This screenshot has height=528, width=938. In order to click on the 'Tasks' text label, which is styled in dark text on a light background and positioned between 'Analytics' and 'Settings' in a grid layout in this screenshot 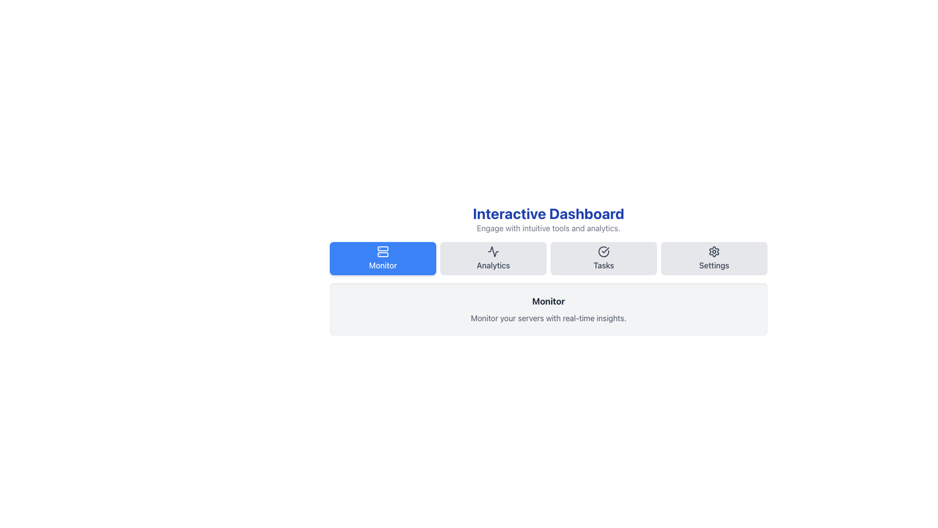, I will do `click(603, 265)`.